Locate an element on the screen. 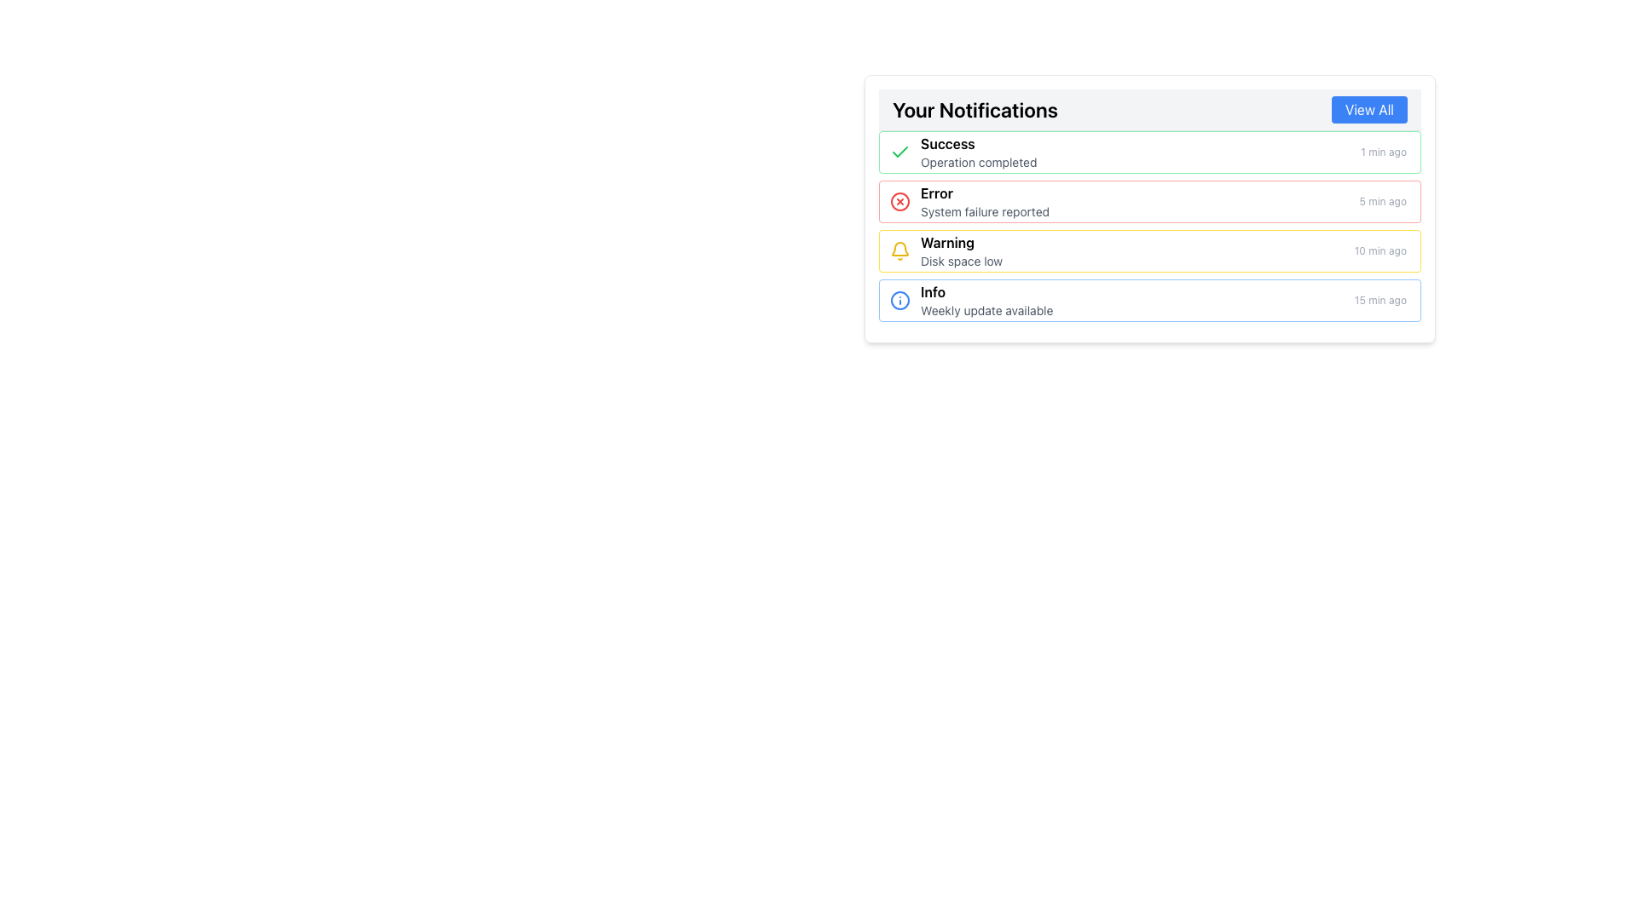  the 'Error' notification icon, which is visually represented by a red 'X' symbol and is the second icon in the vertical list of notifications is located at coordinates (899, 200).